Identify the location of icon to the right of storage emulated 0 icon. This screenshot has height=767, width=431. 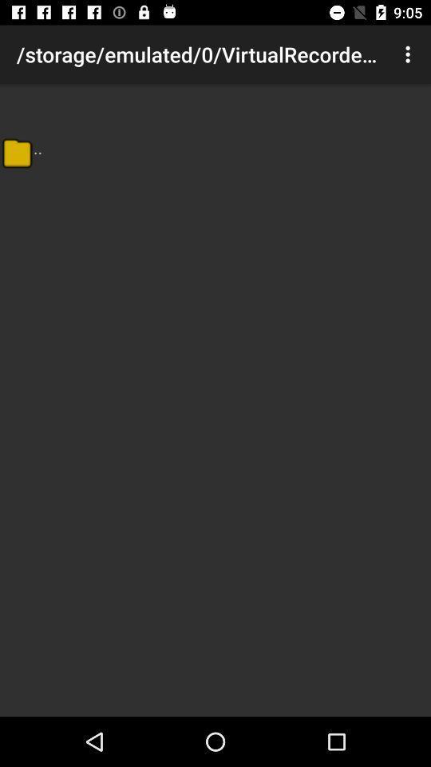
(409, 54).